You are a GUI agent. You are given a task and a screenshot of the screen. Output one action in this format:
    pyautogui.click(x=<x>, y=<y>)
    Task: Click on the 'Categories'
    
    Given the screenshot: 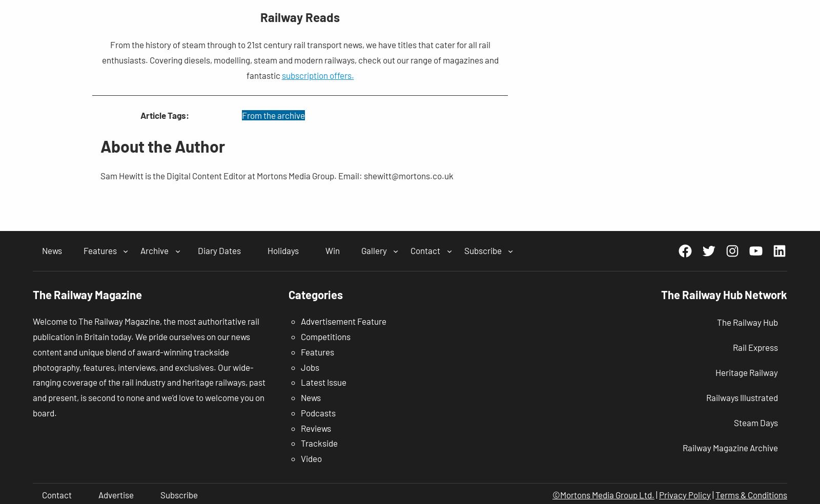 What is the action you would take?
    pyautogui.click(x=315, y=293)
    